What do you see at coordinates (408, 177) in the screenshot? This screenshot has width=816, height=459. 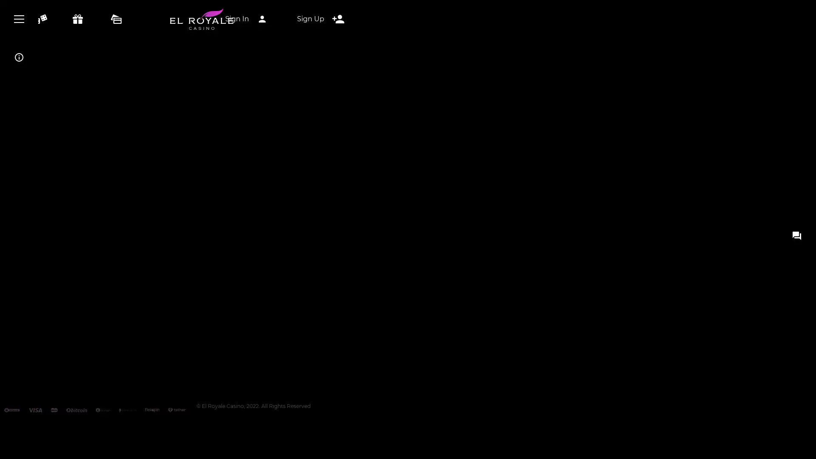 I see `Chat` at bounding box center [408, 177].